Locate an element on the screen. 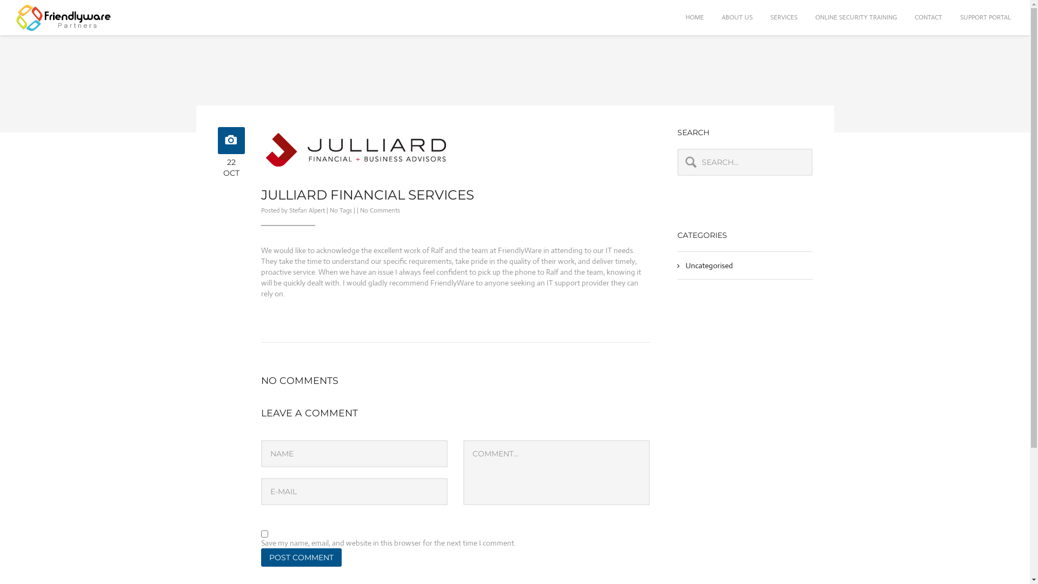  'ONLINE SECURITY TRAINING' is located at coordinates (855, 17).